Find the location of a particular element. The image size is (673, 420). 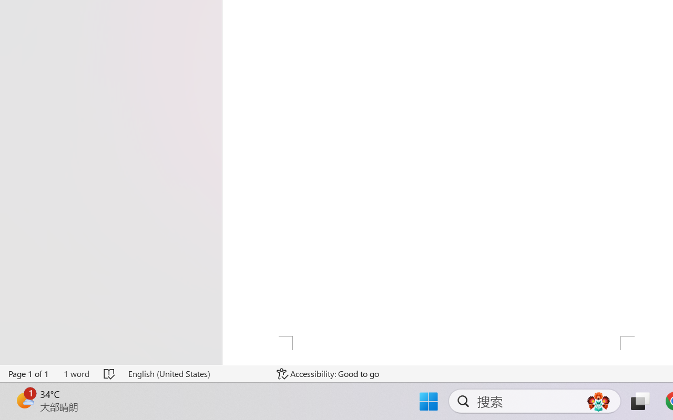

'Language English (United States)' is located at coordinates (195, 373).